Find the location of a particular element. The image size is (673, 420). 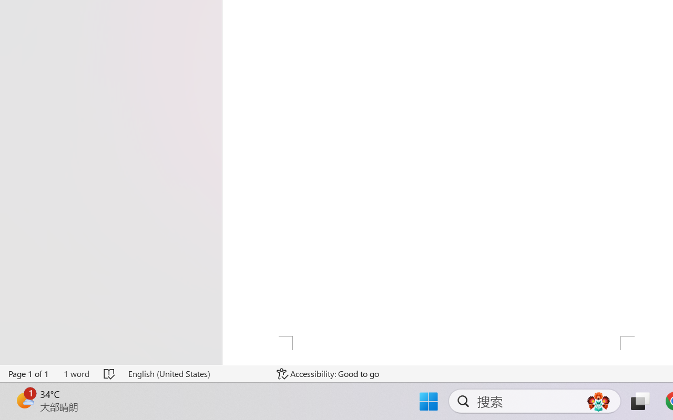

'Language English (United States)' is located at coordinates (195, 373).